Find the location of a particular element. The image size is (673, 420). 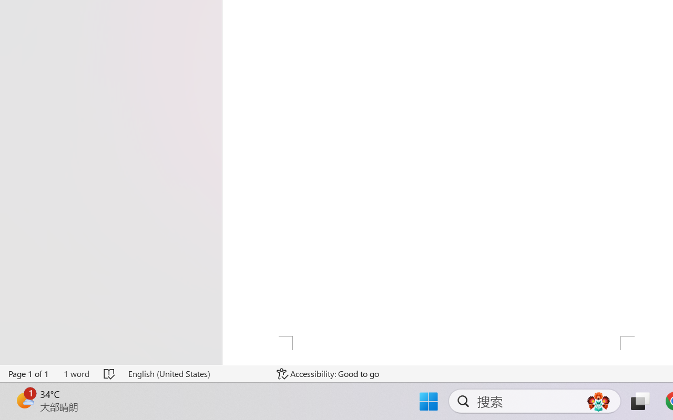

'Language English (United States)' is located at coordinates (195, 373).